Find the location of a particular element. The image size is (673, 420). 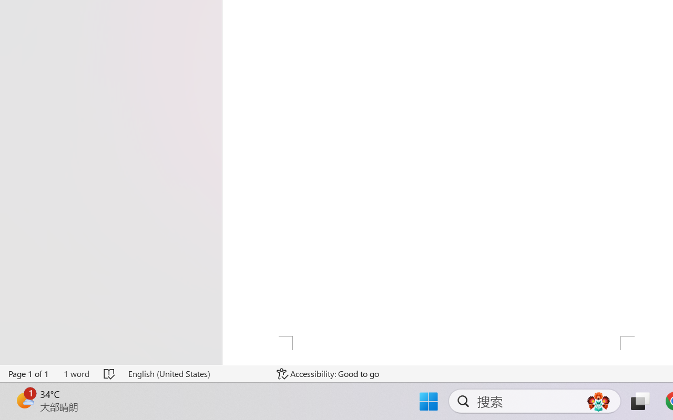

'Language English (United States)' is located at coordinates (195, 373).